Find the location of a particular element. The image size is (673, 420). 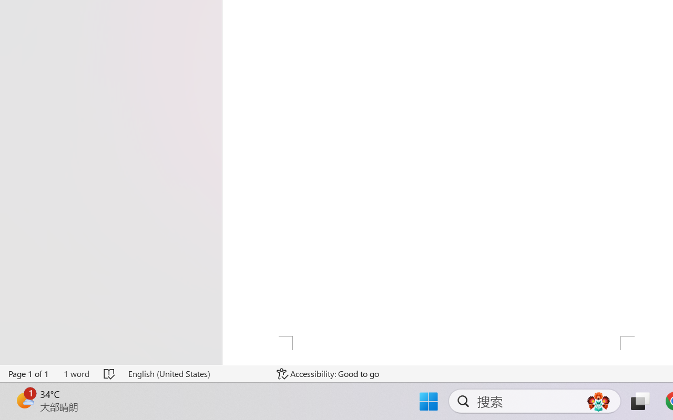

'Language English (United States)' is located at coordinates (195, 373).